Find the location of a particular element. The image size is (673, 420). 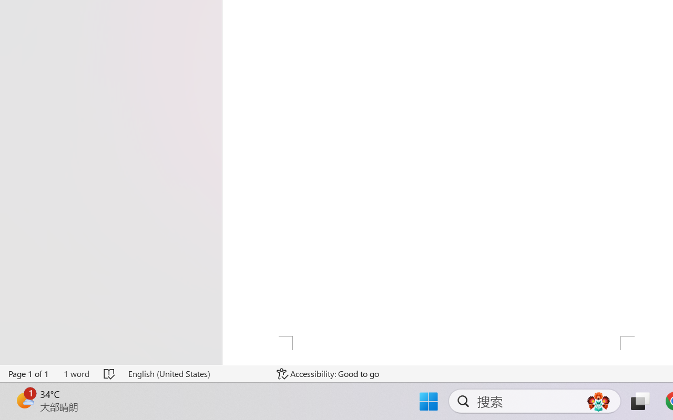

'Language English (United States)' is located at coordinates (195, 373).